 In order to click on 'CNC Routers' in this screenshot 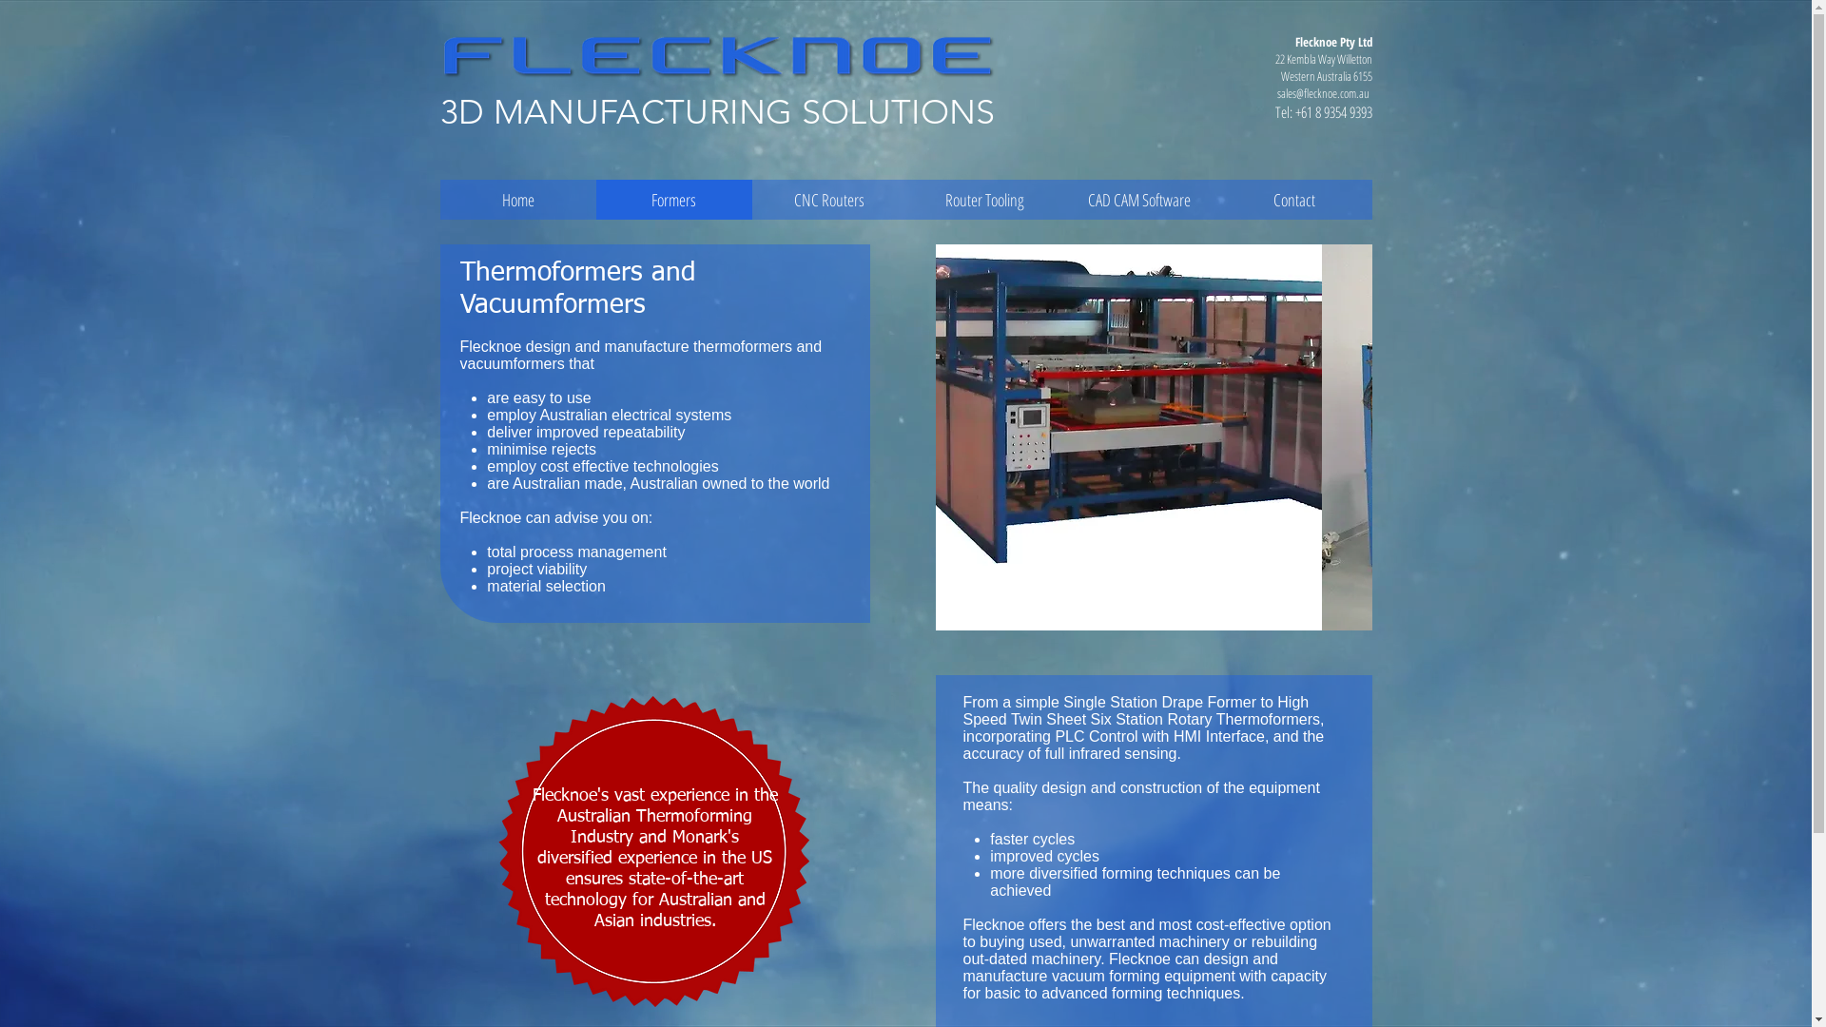, I will do `click(828, 199)`.